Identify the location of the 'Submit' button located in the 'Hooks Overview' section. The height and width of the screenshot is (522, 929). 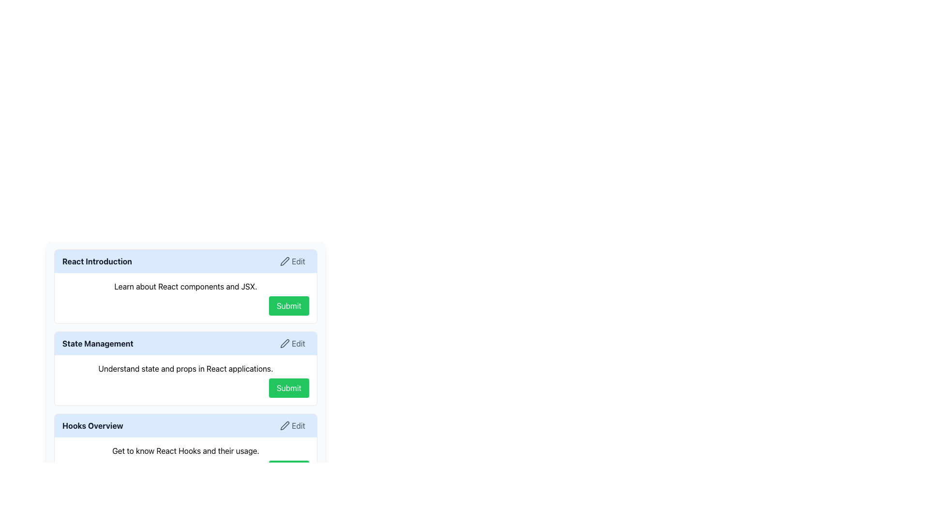
(288, 469).